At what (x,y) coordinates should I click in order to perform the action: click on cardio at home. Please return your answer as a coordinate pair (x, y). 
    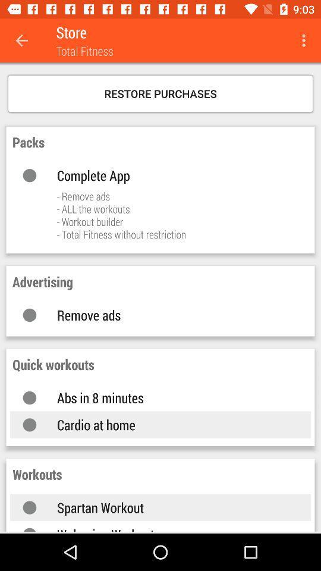
    Looking at the image, I should click on (171, 425).